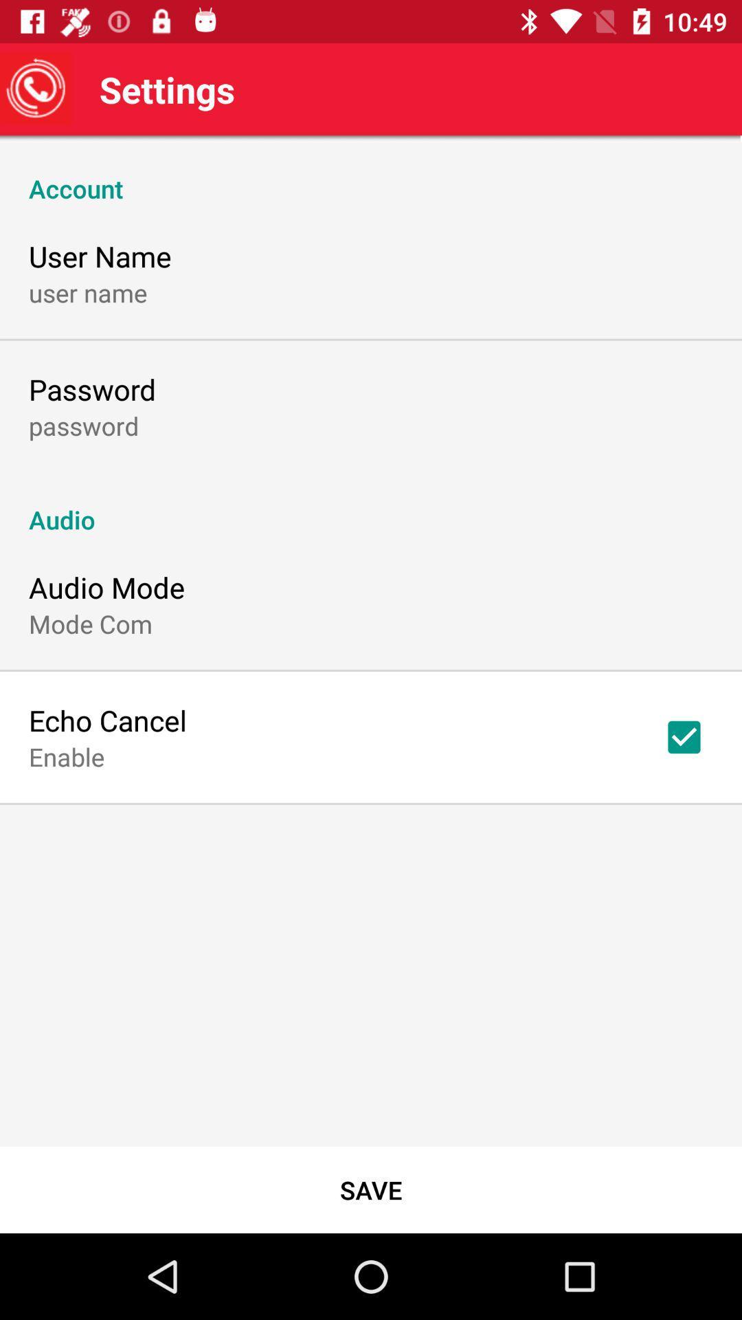 The width and height of the screenshot is (742, 1320). Describe the element at coordinates (684, 736) in the screenshot. I see `the icon above save icon` at that location.